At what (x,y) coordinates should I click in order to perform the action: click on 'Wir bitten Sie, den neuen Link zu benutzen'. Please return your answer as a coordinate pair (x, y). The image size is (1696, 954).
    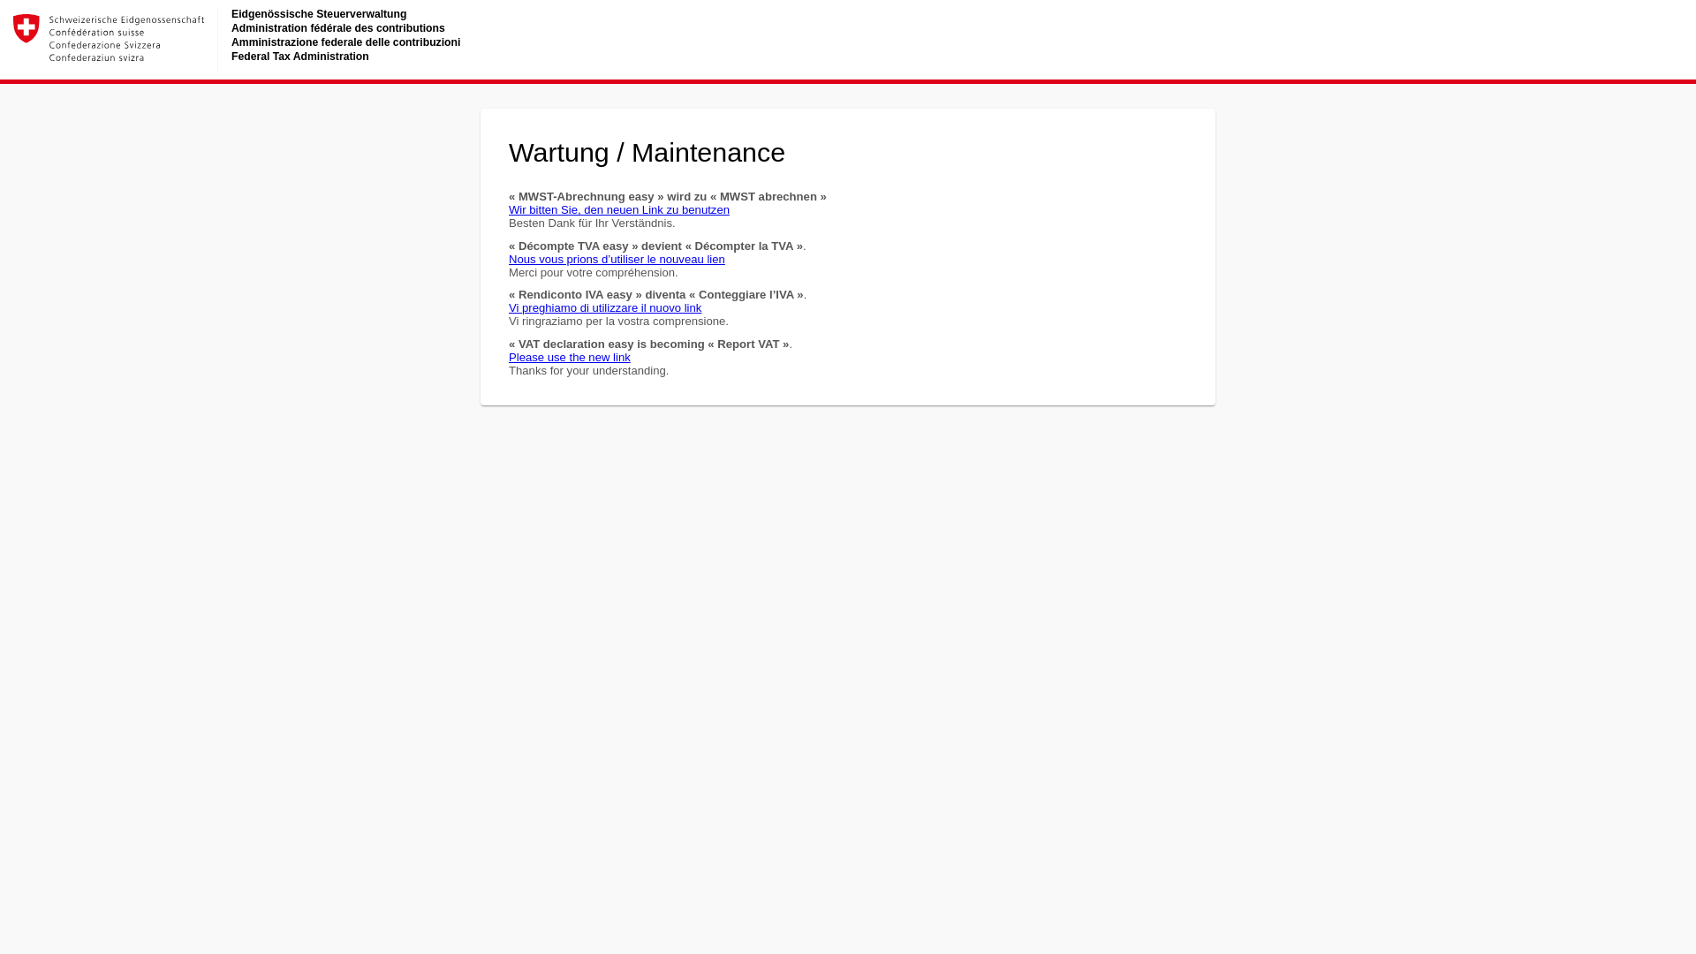
    Looking at the image, I should click on (508, 208).